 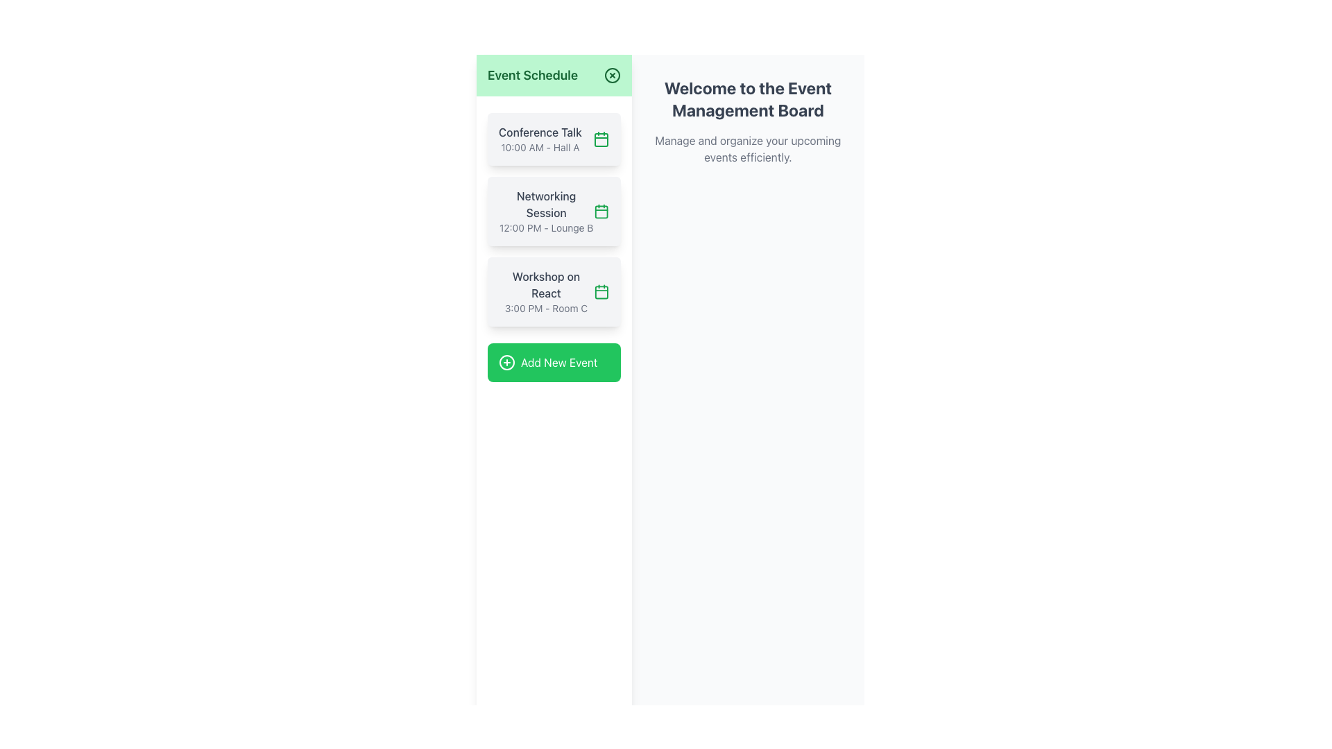 I want to click on the second Informational Card titled 'Networking Session' in the Event Schedule, so click(x=553, y=211).